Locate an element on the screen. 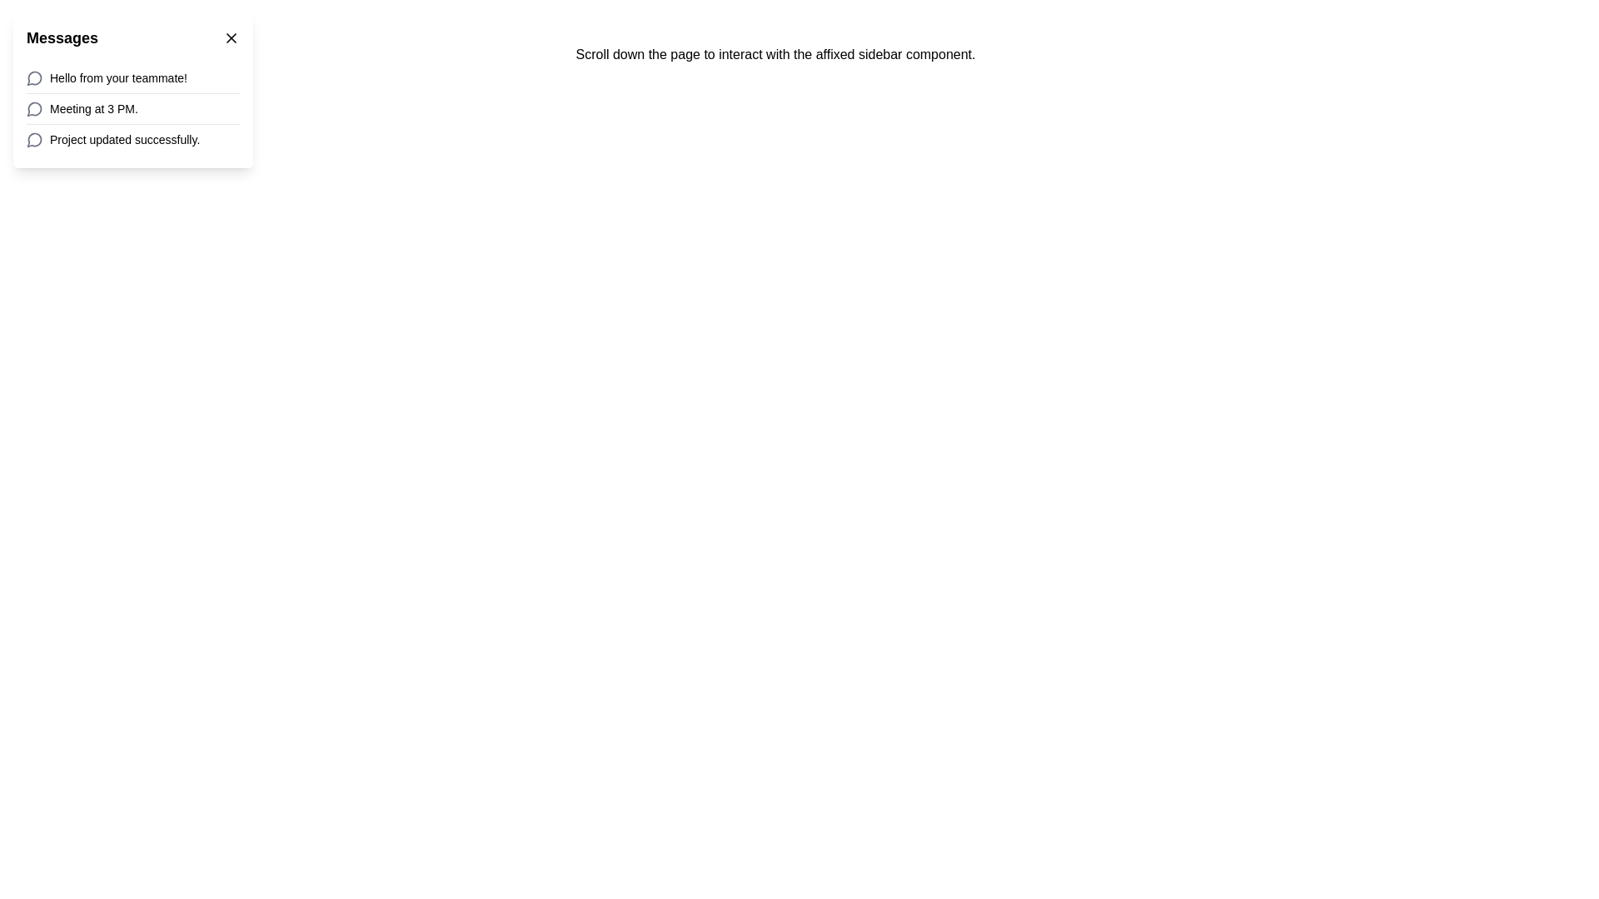 The image size is (1599, 899). the Text Label located at the top-center area of the interface, which provides directives to interact with the sidebar component is located at coordinates (775, 53).